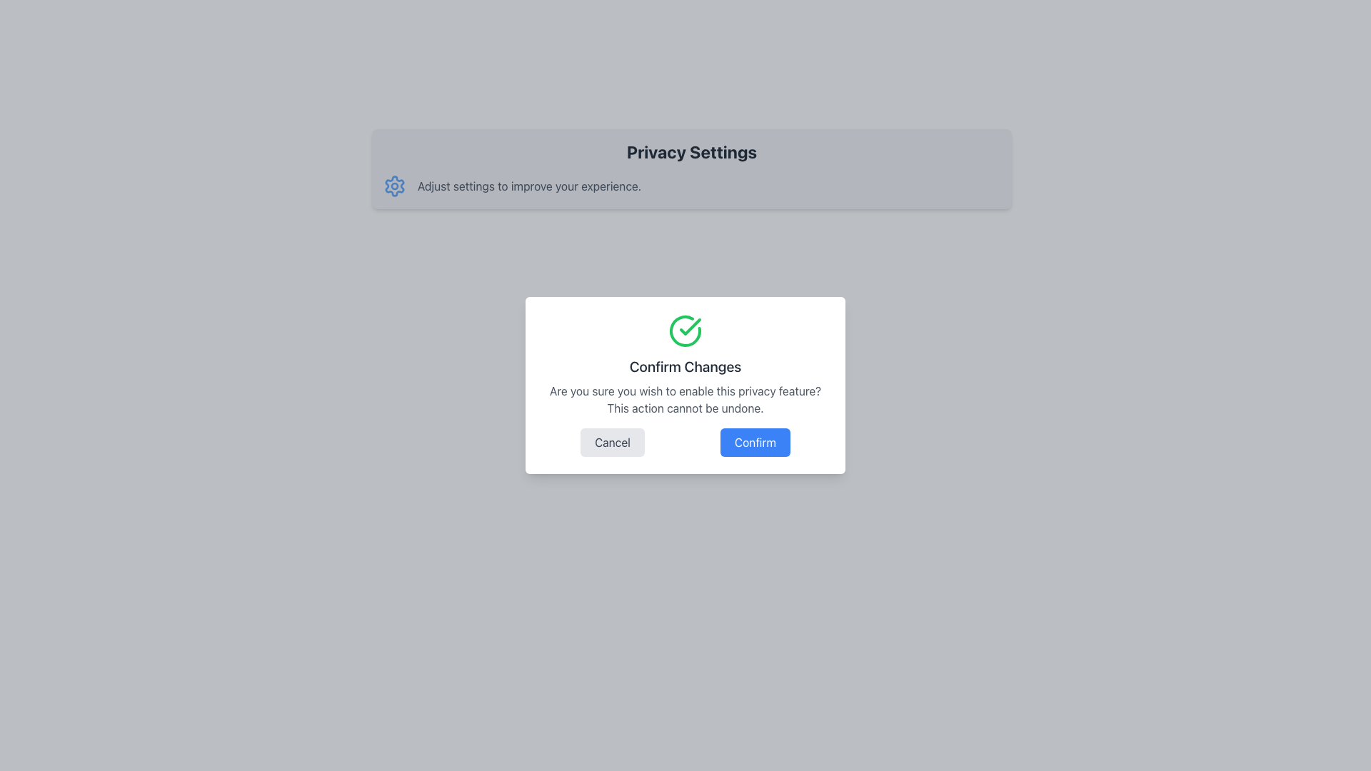  I want to click on the text element containing the paragraph 'Are you sure you wish to enable this privacy feature? This action cannot be undone.' positioned below the 'Confirm Changes' heading in the modal dialog box, so click(685, 399).